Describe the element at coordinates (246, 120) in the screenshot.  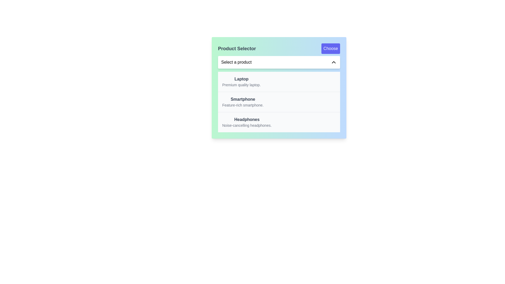
I see `the 'Headphones' text label, which serves as a heading to identify this product option within the product selection interface` at that location.